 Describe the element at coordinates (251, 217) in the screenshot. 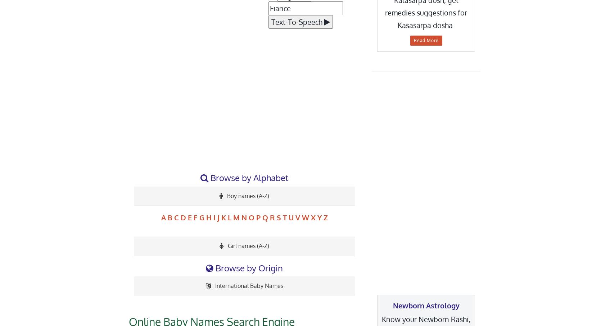

I see `'O'` at that location.